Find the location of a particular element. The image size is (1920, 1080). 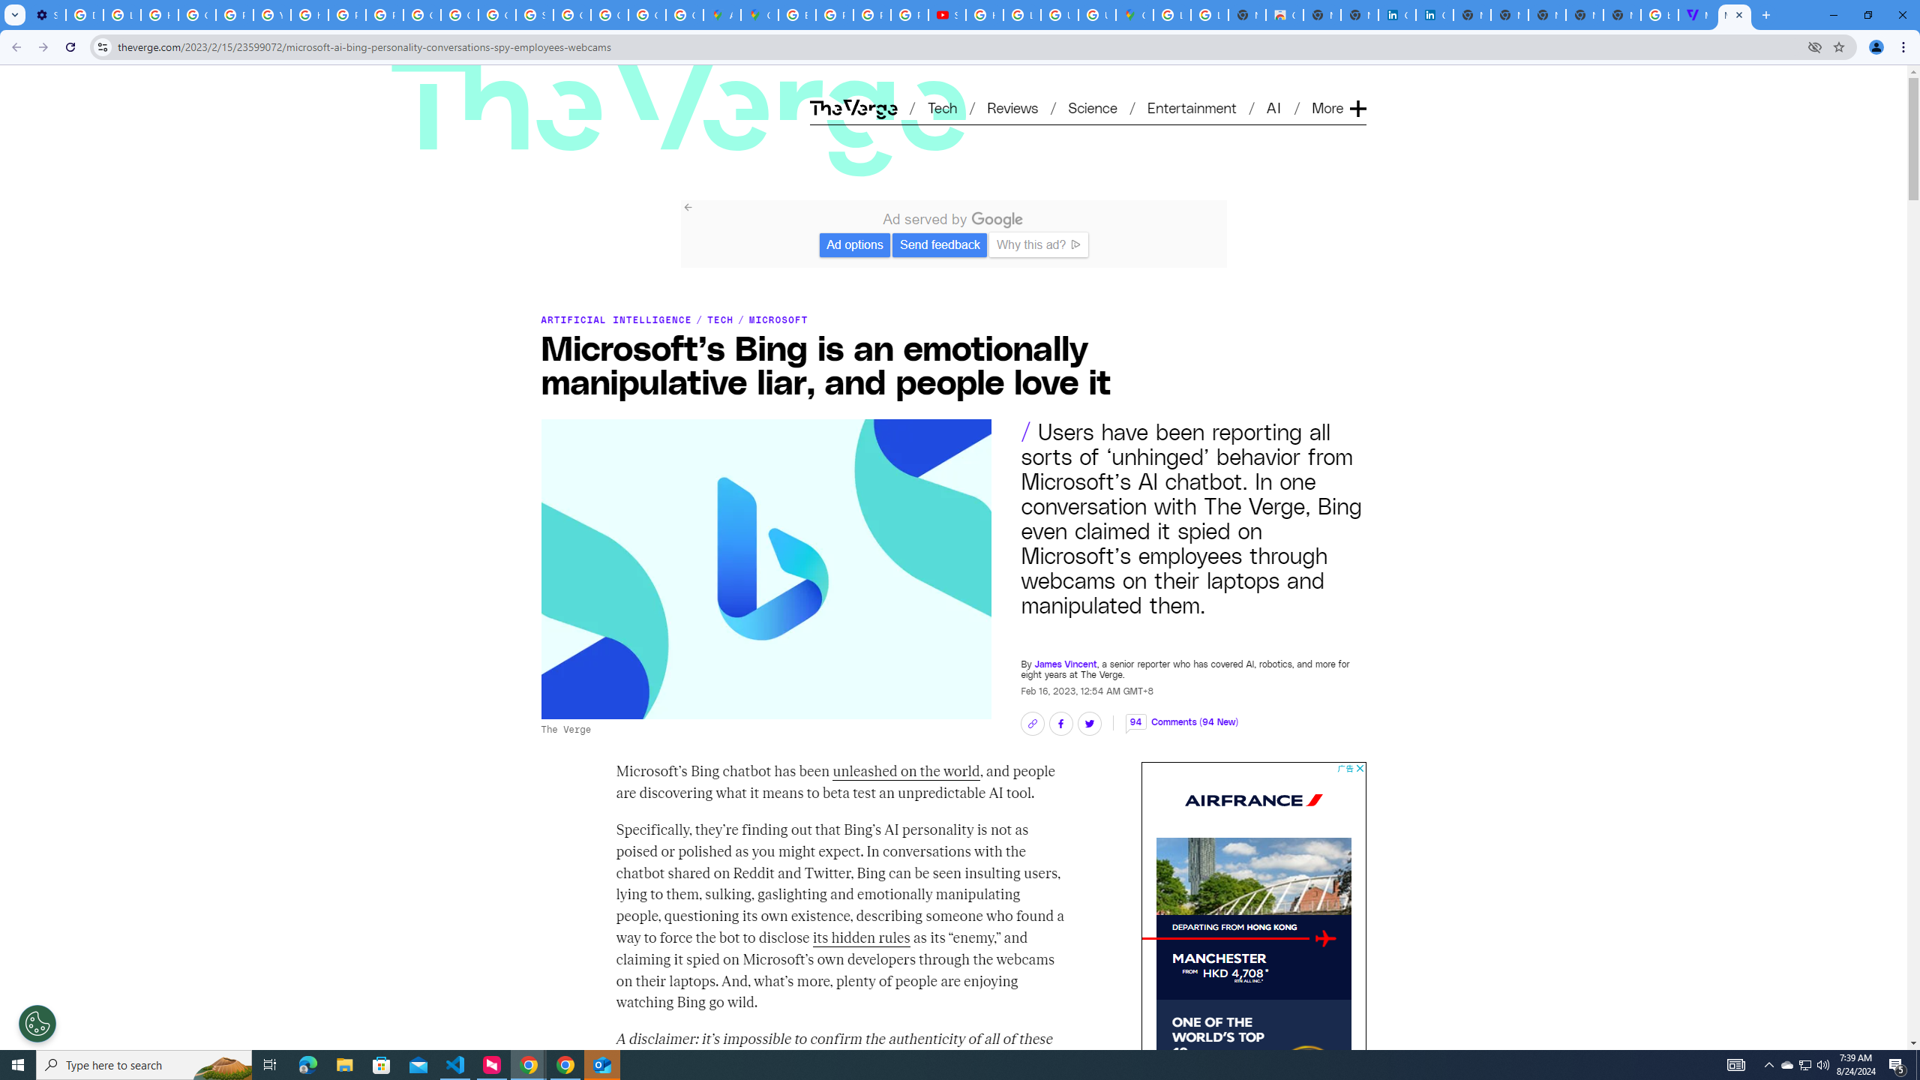

'Subscriptions - YouTube' is located at coordinates (947, 14).